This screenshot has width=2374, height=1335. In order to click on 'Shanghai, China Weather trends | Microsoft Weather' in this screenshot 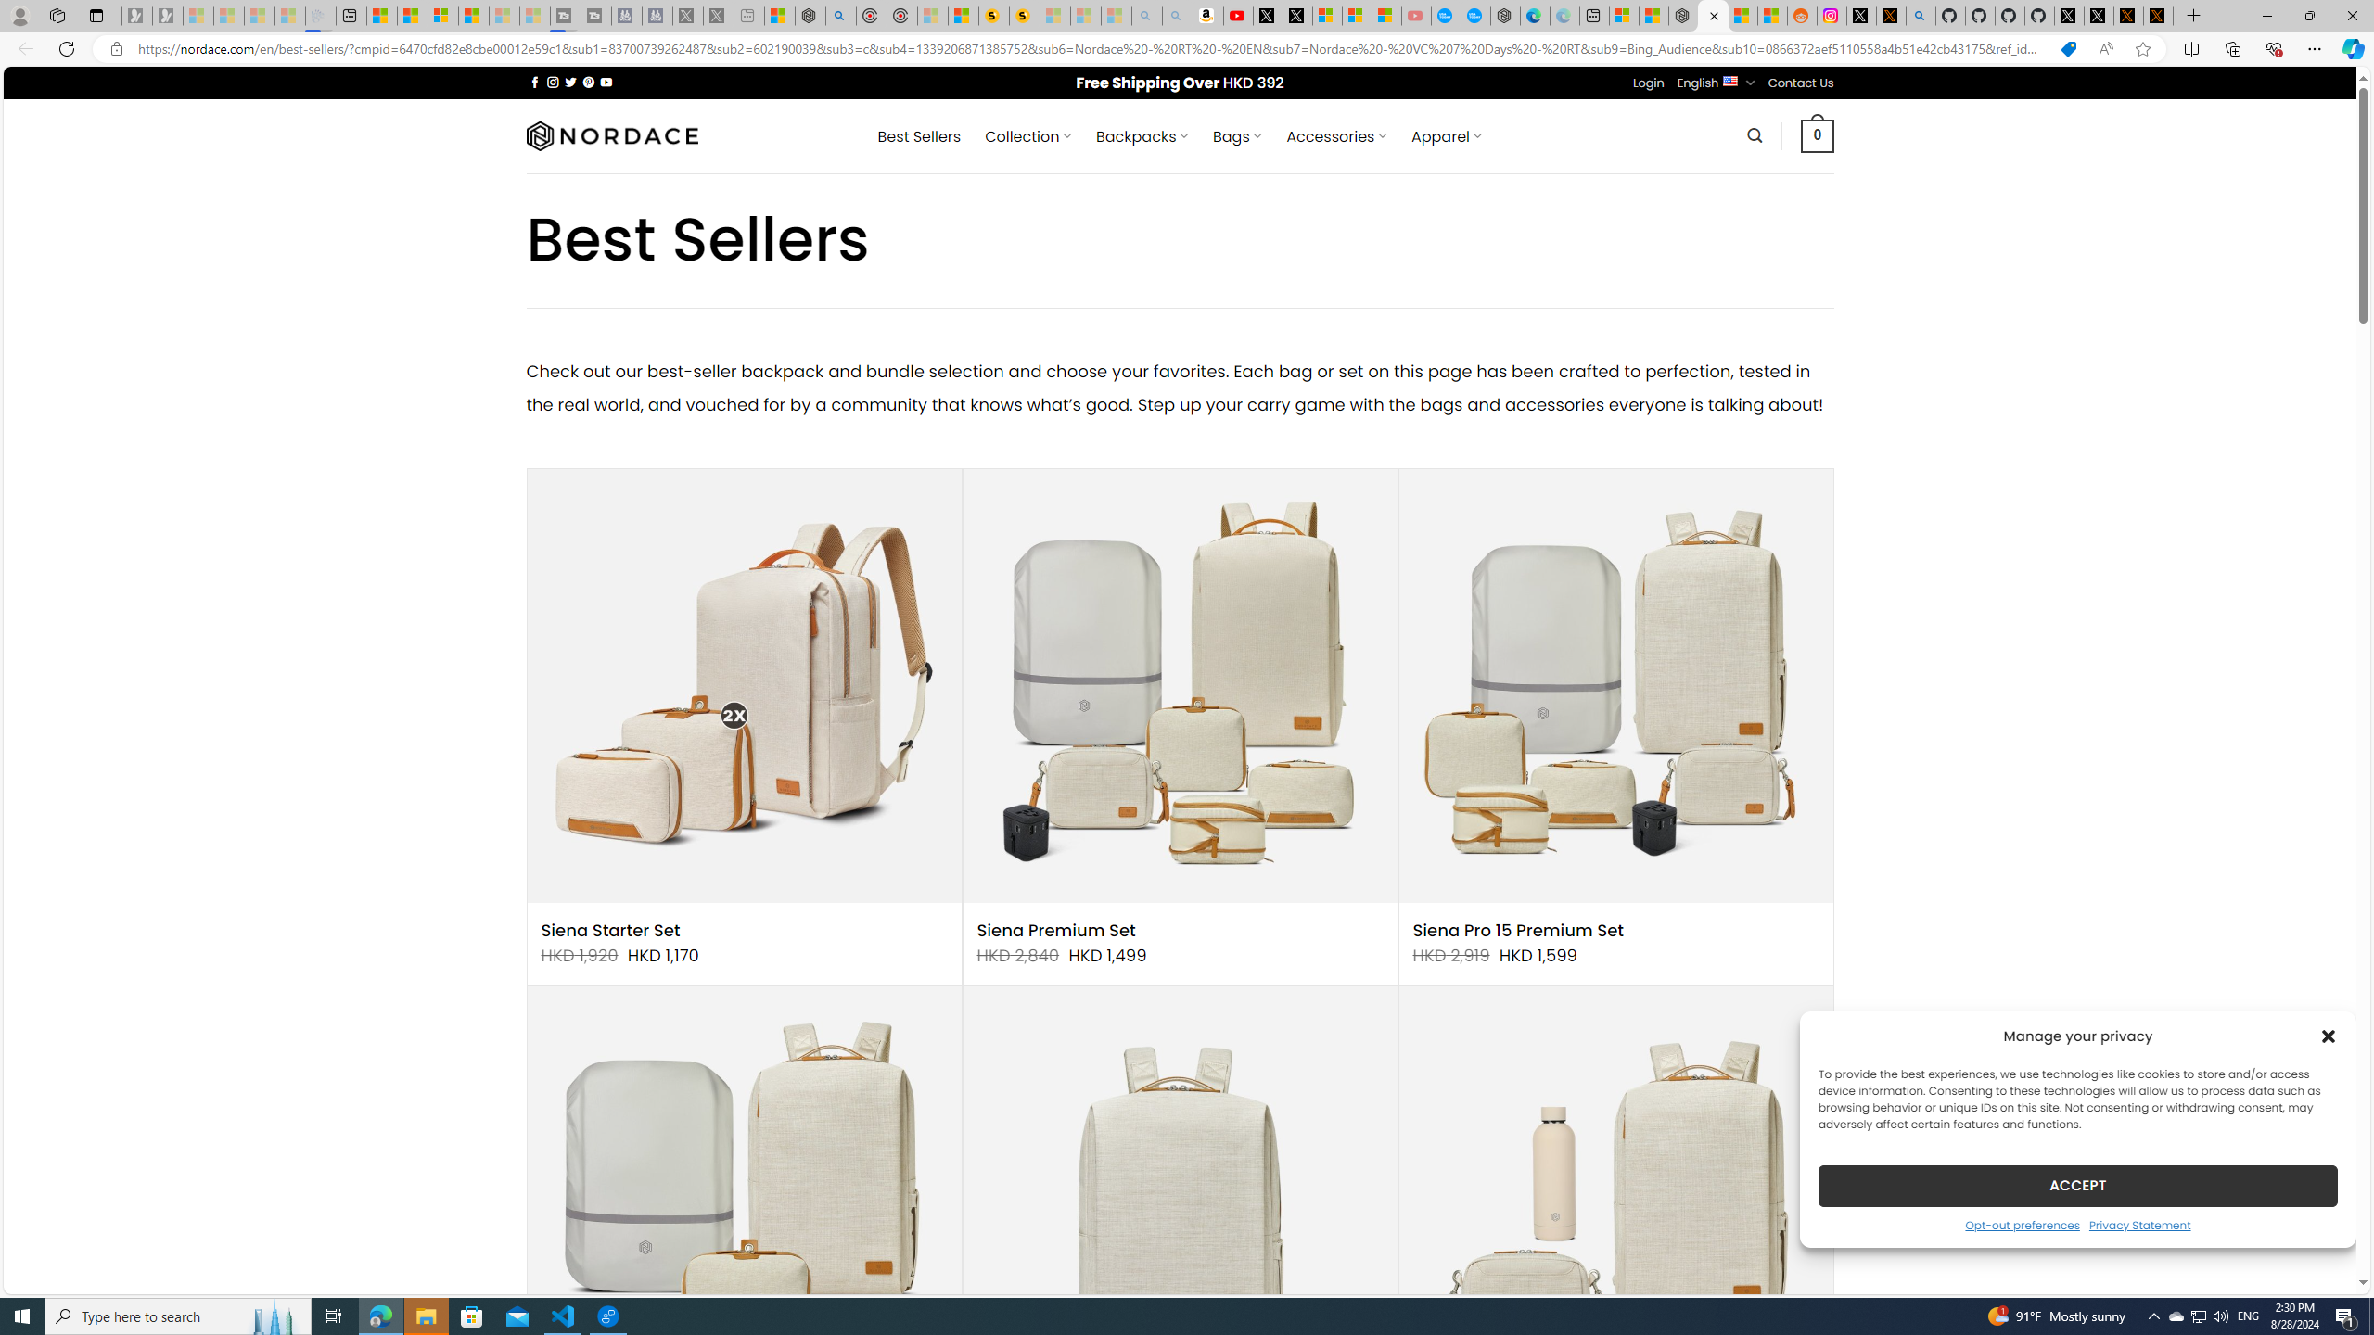, I will do `click(1772, 15)`.